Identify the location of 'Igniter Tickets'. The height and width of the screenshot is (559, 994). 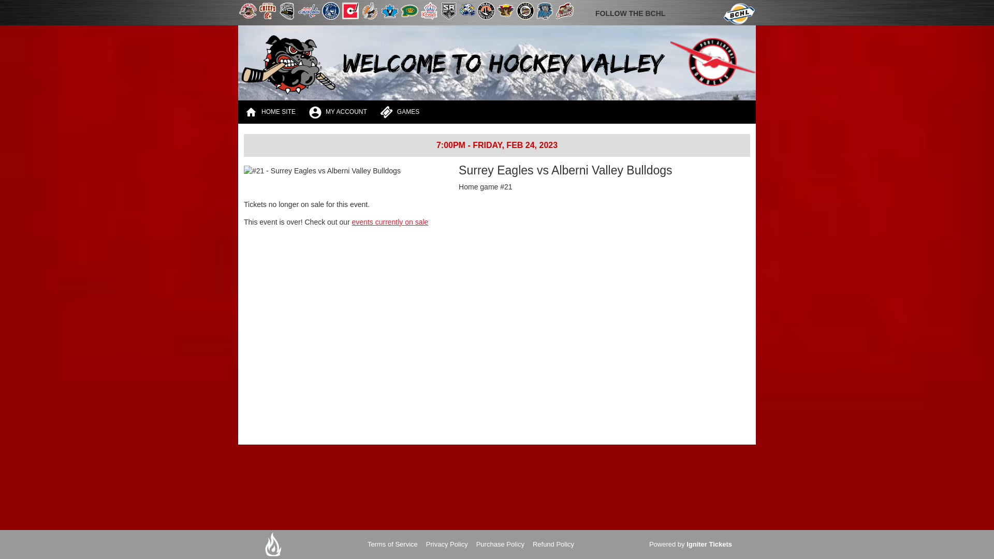
(708, 544).